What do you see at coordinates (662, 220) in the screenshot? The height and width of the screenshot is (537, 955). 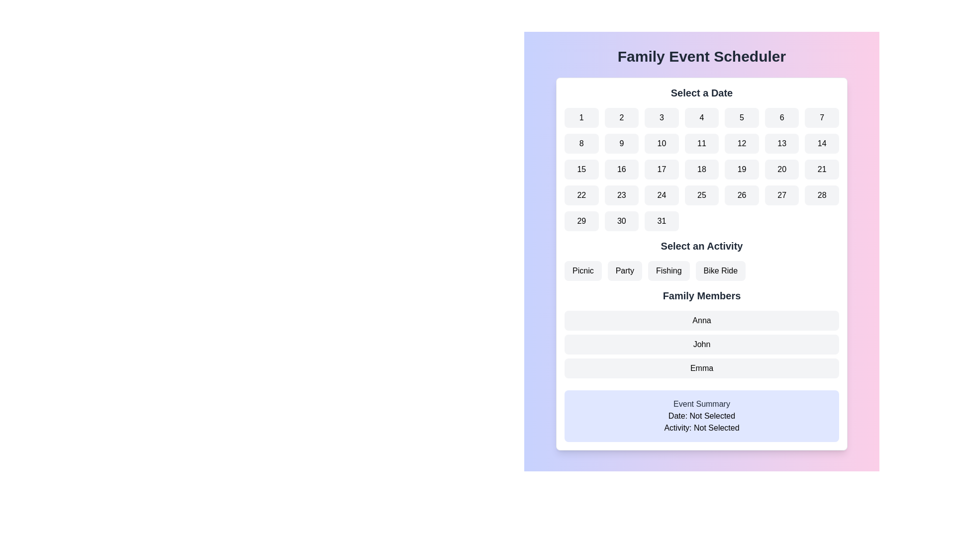 I see `the button labeled '31' which is the last button in the bottom row of the calendar date grid` at bounding box center [662, 220].